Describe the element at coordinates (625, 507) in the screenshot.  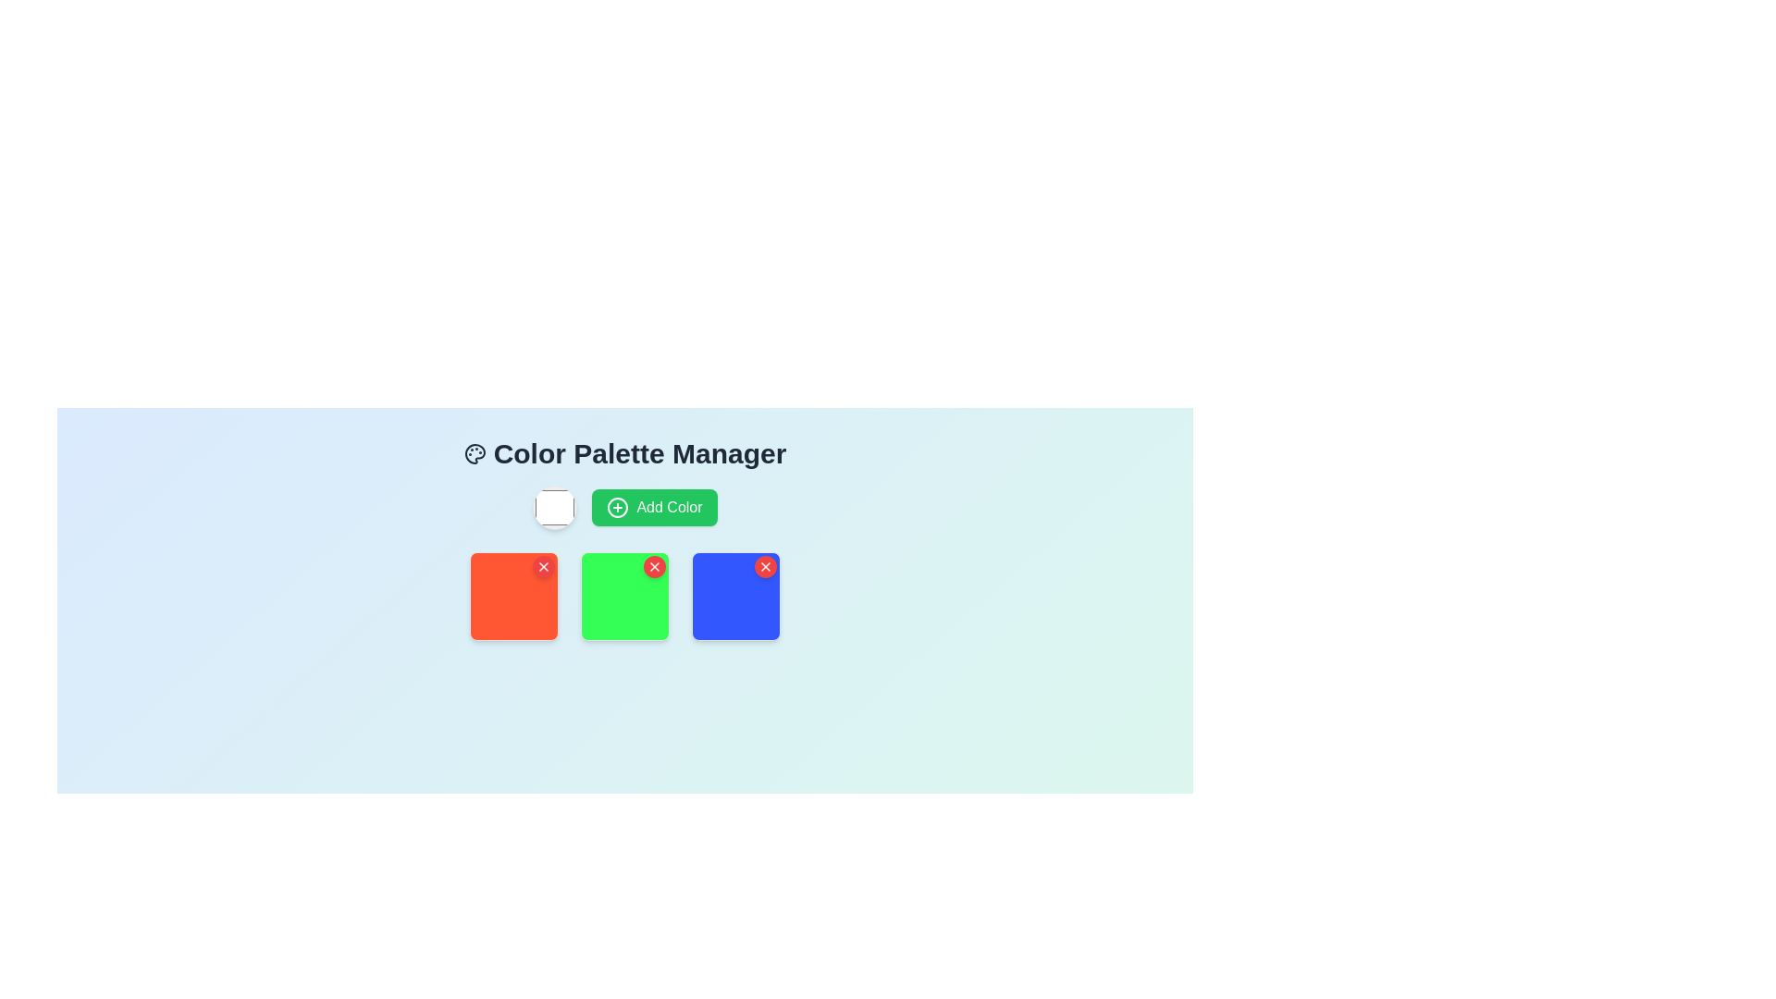
I see `the 'Add Color' button located to the right of the color picker input in the 'Add Color' section` at that location.